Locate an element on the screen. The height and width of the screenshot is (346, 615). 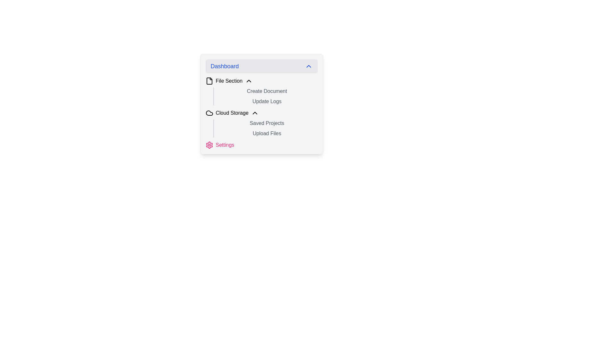
the 'Update Logs' text link, which is styled with light gray text color and changes to black on hover, located under the 'File Section' subsection is located at coordinates (261, 103).